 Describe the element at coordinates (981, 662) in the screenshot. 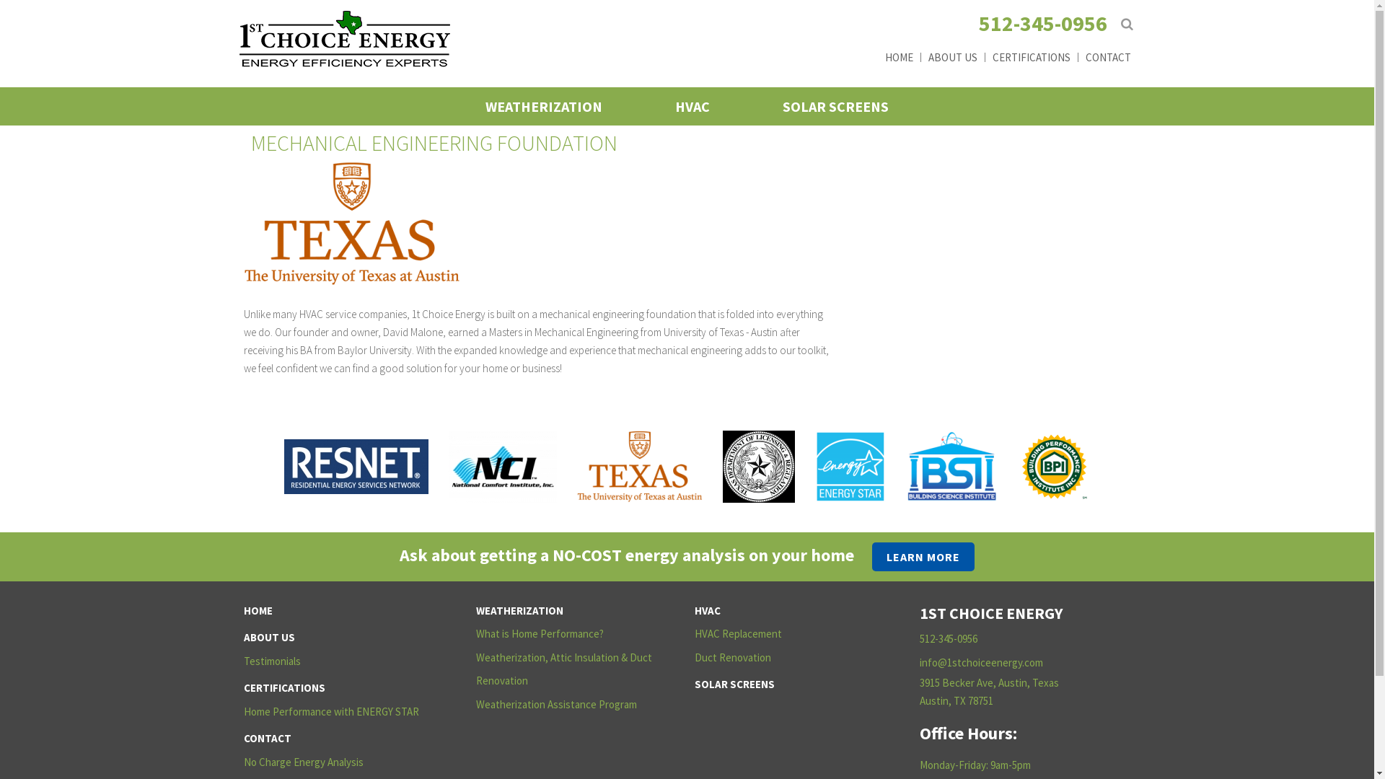

I see `'info@1stchoiceenergy.com'` at that location.